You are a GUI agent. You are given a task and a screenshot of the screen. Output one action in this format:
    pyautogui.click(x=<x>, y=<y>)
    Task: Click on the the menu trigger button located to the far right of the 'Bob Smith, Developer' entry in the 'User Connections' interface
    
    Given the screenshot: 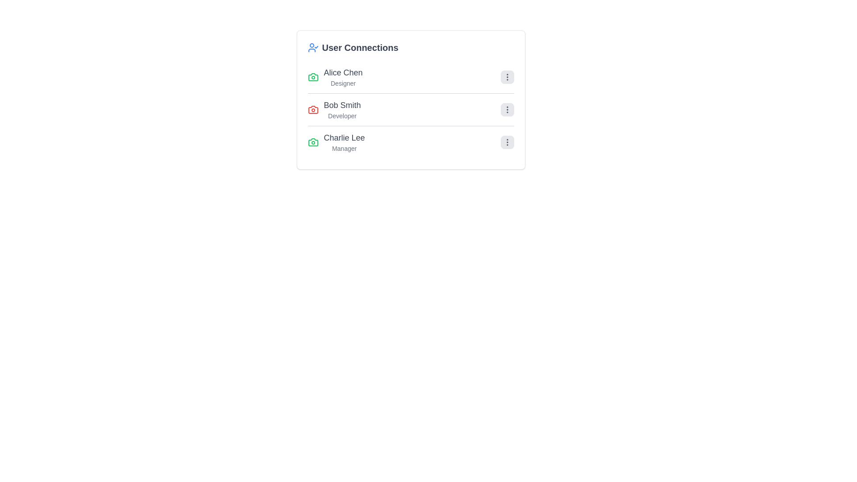 What is the action you would take?
    pyautogui.click(x=507, y=109)
    